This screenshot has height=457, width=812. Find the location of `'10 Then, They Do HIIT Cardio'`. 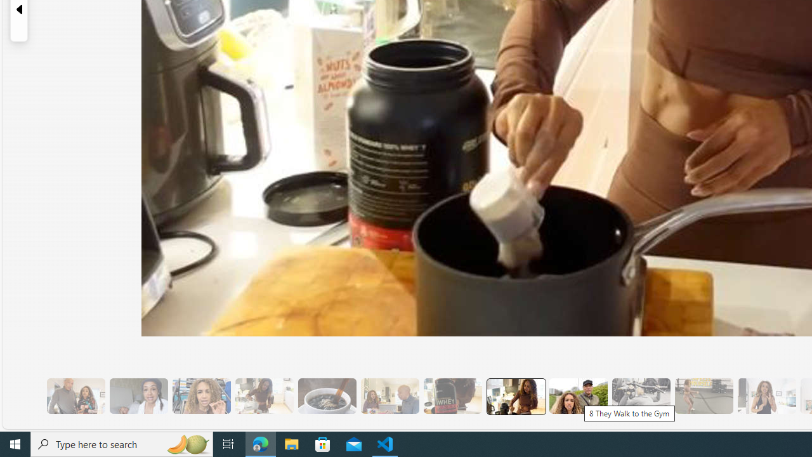

'10 Then, They Do HIIT Cardio' is located at coordinates (703, 395).